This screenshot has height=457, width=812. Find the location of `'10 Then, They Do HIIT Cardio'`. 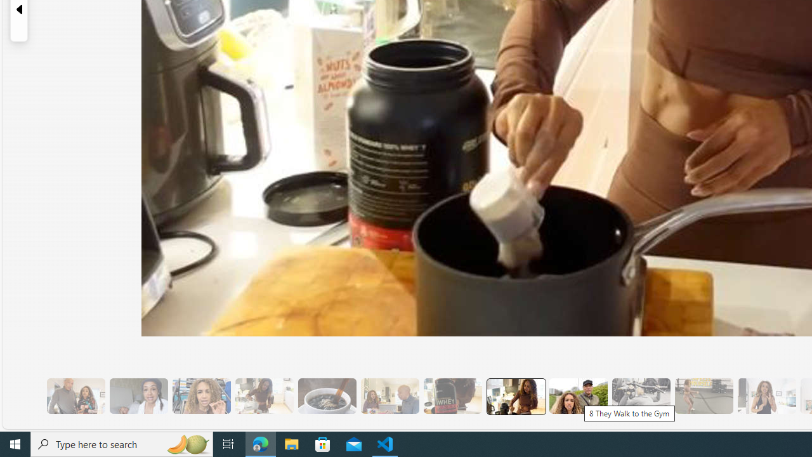

'10 Then, They Do HIIT Cardio' is located at coordinates (703, 395).